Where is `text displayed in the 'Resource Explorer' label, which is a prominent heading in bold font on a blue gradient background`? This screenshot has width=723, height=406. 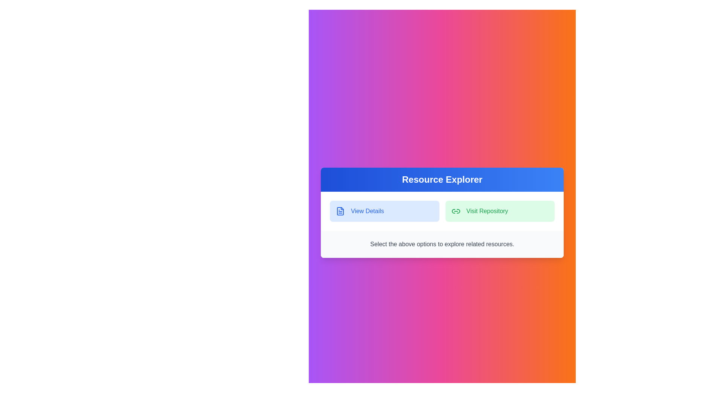
text displayed in the 'Resource Explorer' label, which is a prominent heading in bold font on a blue gradient background is located at coordinates (442, 180).